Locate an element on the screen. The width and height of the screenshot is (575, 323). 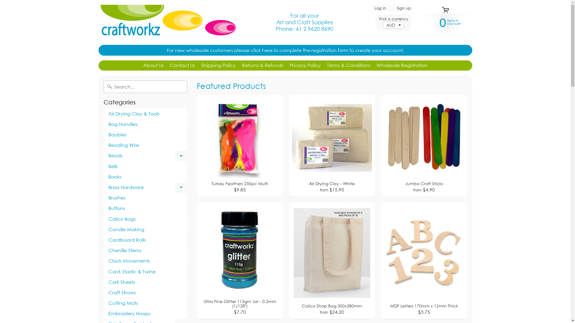
'Embroidery Hoops' is located at coordinates (145, 313).